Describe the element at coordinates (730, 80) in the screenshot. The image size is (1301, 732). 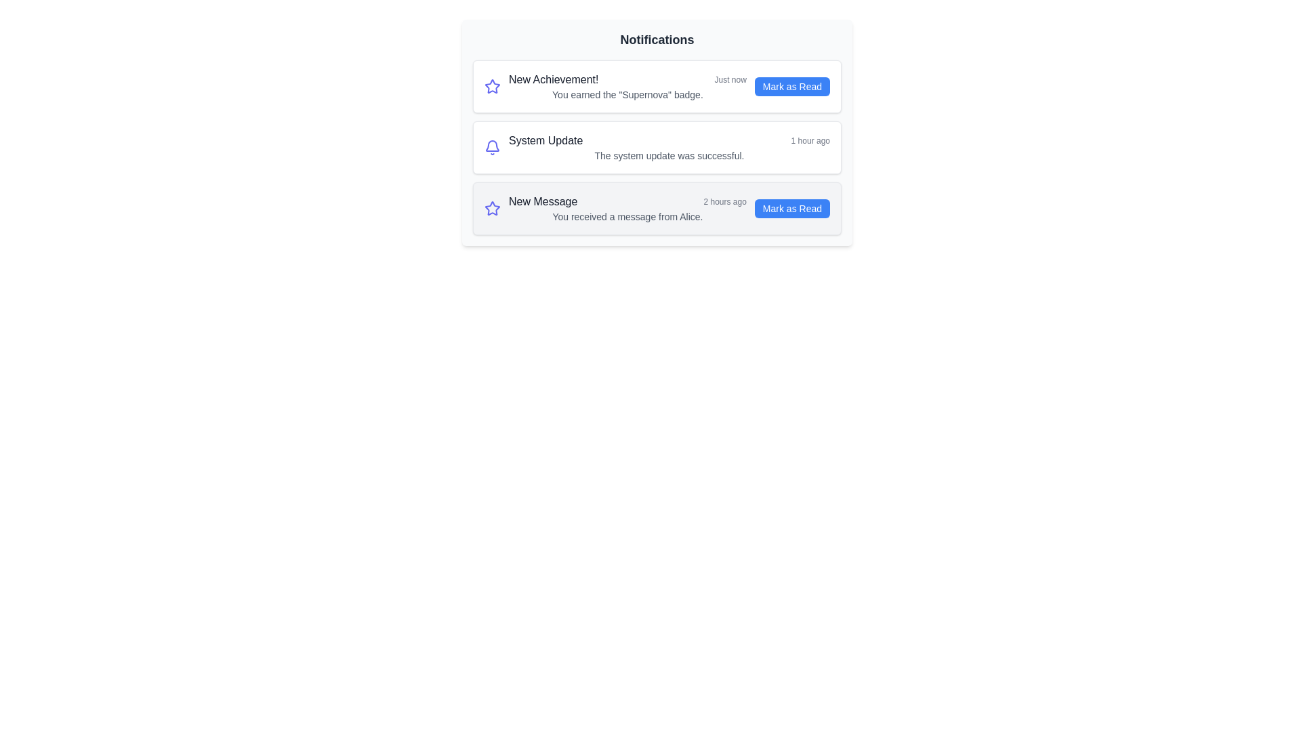
I see `the Text label that displays the time elapsed since the notification became active, located in the upper-right corner of the notification card next to the 'New Achievement!' title` at that location.